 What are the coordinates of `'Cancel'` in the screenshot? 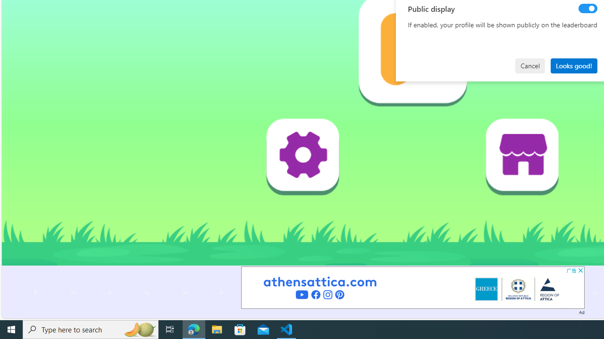 It's located at (530, 65).